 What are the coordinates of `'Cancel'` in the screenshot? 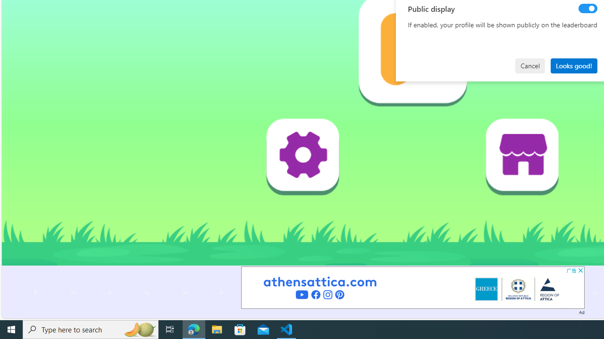 It's located at (530, 65).